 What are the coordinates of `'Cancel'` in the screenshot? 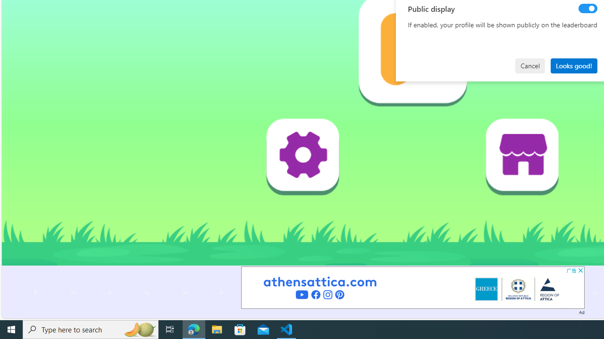 It's located at (530, 65).